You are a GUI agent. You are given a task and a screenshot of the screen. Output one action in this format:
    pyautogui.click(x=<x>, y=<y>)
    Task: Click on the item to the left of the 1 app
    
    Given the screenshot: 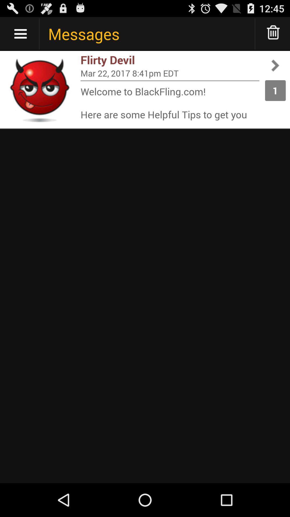 What is the action you would take?
    pyautogui.click(x=170, y=80)
    